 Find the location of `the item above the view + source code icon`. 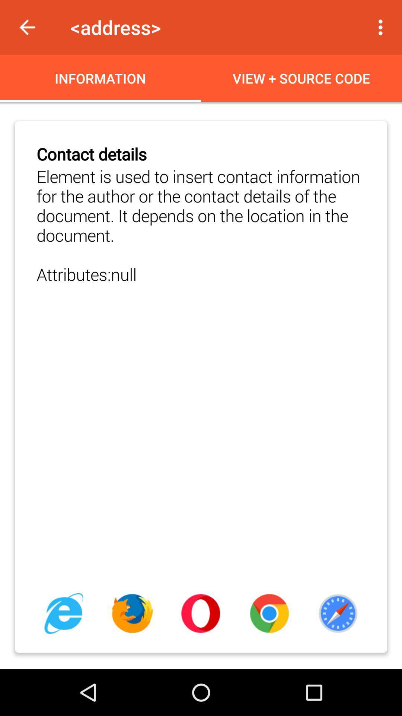

the item above the view + source code icon is located at coordinates (382, 27).